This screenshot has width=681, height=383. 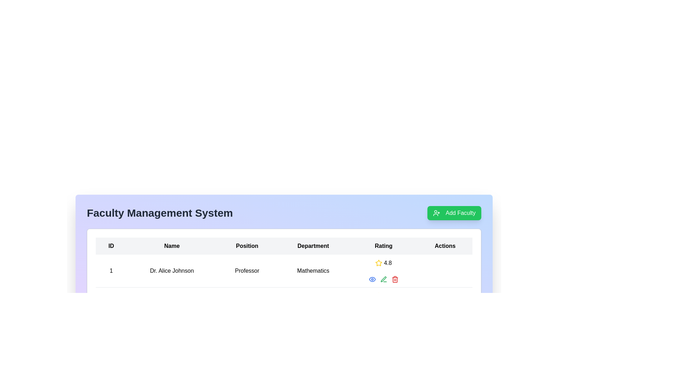 What do you see at coordinates (383, 279) in the screenshot?
I see `the green pen icon button in the 'Actions' column of the row for 'Dr. Alice Johnson' to change its color to a darker green` at bounding box center [383, 279].